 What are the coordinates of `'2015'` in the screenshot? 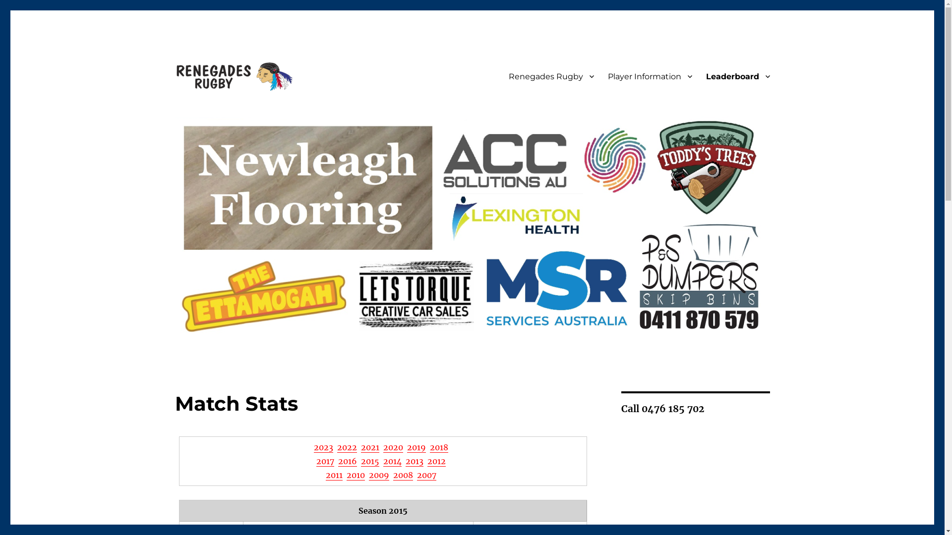 It's located at (369, 461).